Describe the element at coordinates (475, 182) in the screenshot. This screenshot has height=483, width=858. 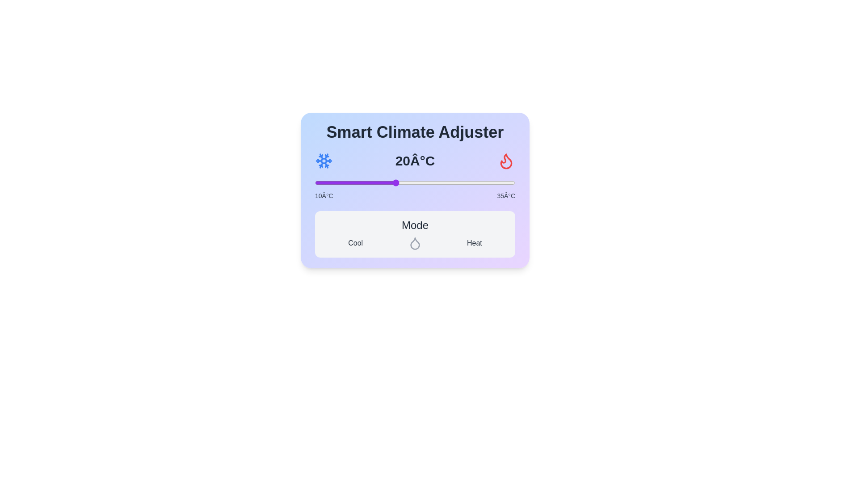
I see `the temperature to 30°C using the slider` at that location.